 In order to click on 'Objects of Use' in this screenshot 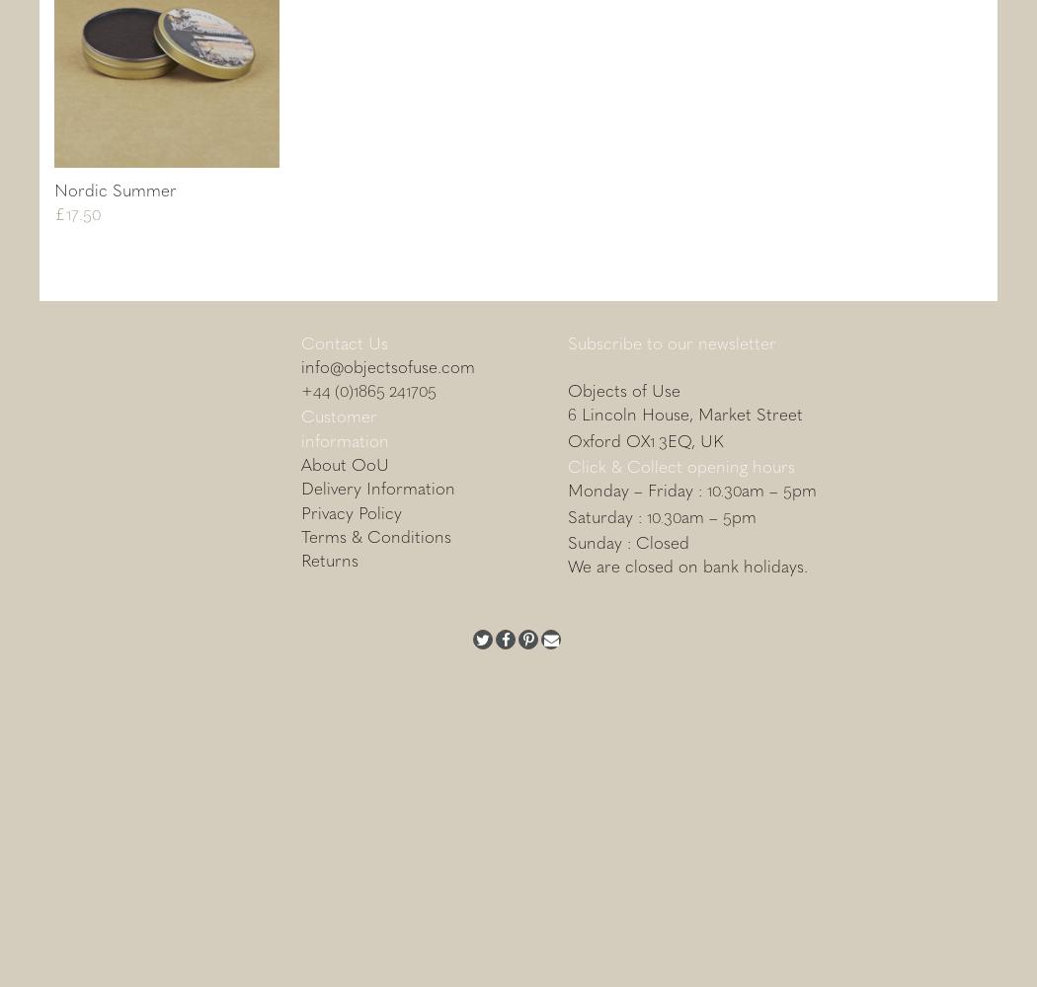, I will do `click(623, 389)`.